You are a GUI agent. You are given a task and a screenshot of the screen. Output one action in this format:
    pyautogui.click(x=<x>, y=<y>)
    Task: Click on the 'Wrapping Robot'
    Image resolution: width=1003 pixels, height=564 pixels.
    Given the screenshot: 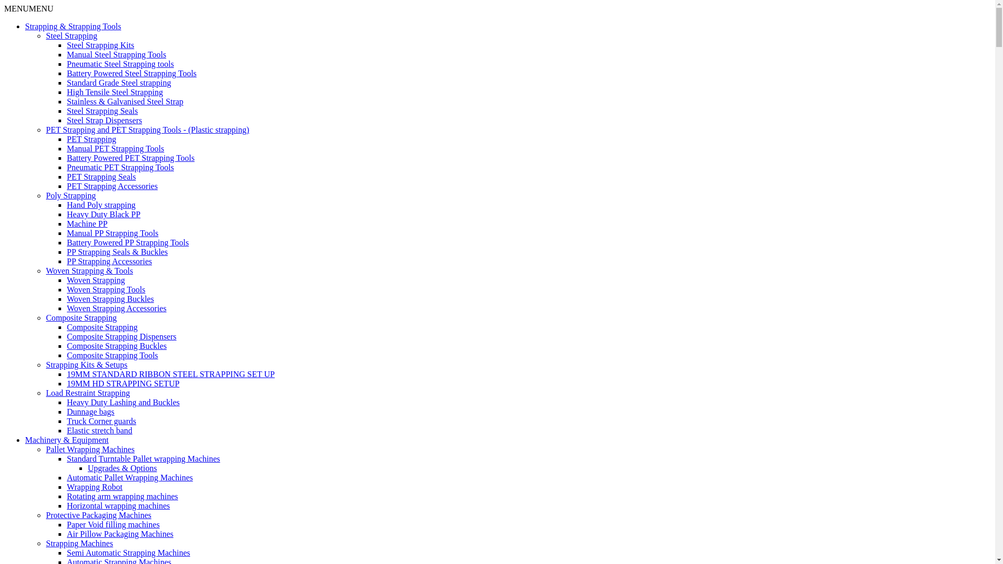 What is the action you would take?
    pyautogui.click(x=66, y=487)
    